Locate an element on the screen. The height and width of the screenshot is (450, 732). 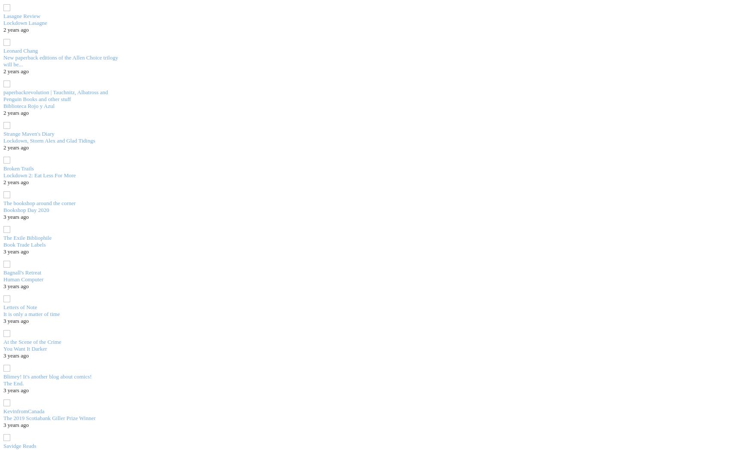
'Lockdown Lasagne' is located at coordinates (3, 22).